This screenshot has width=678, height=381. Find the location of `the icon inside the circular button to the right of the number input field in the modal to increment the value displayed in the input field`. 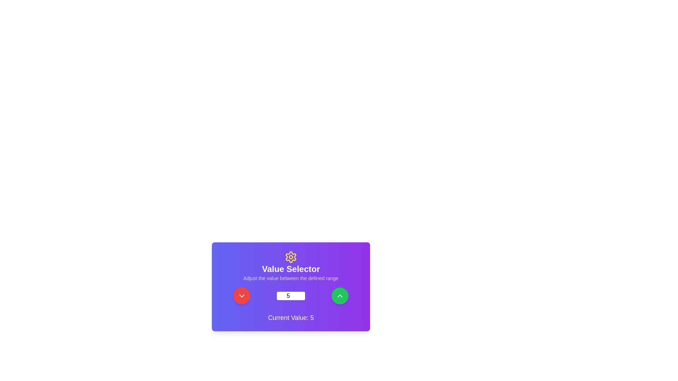

the icon inside the circular button to the right of the number input field in the modal to increment the value displayed in the input field is located at coordinates (340, 296).